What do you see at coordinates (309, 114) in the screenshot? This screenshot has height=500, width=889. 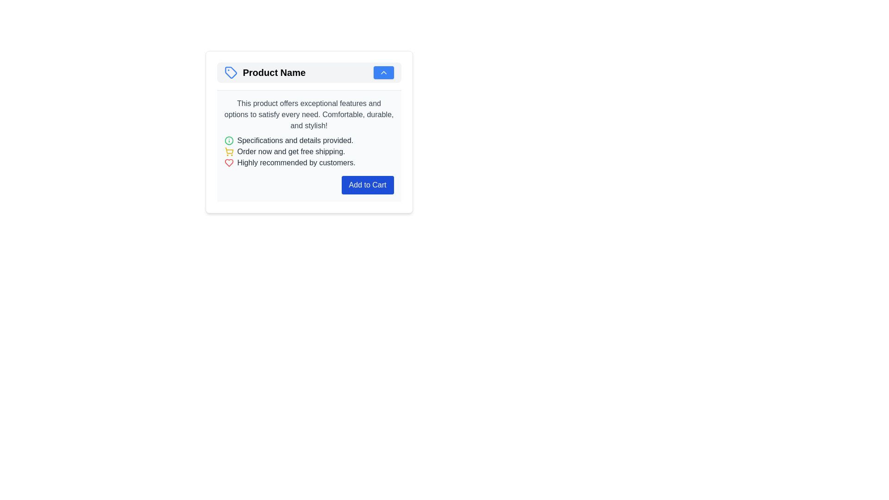 I see `non-interactive text element that provides a descriptive summary of the product's key highlights, located directly below the 'Product Name' heading` at bounding box center [309, 114].